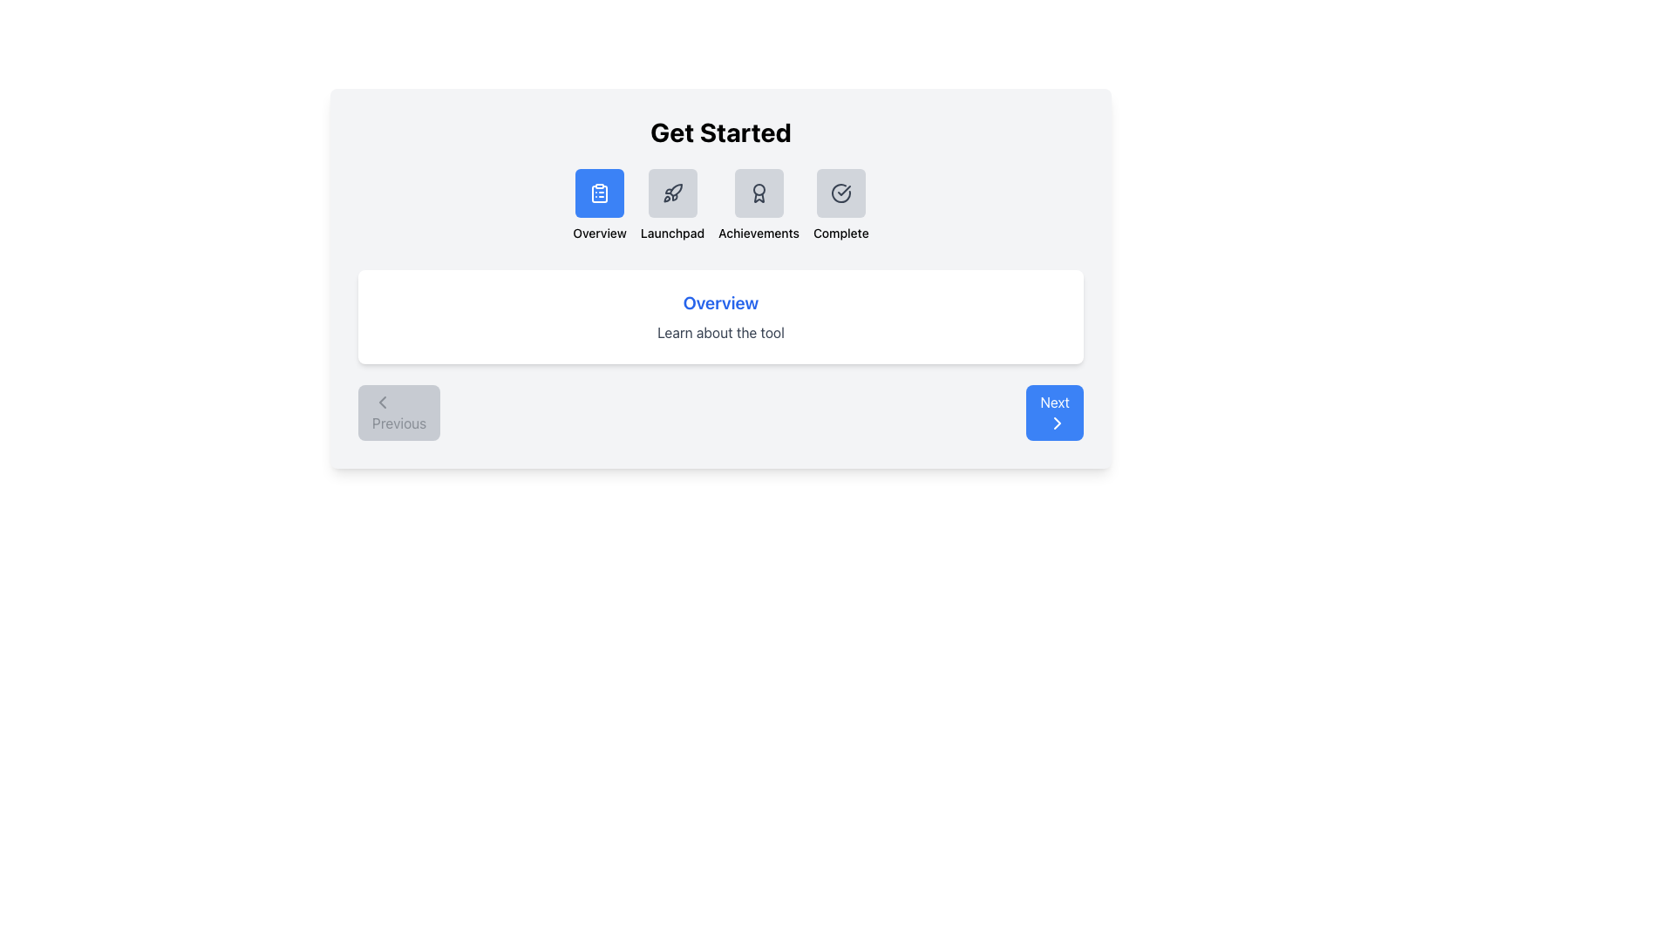  I want to click on the second button from the left in the row under the 'Get Started' title, which has a gray background and a rocket icon in the center, so click(671, 193).